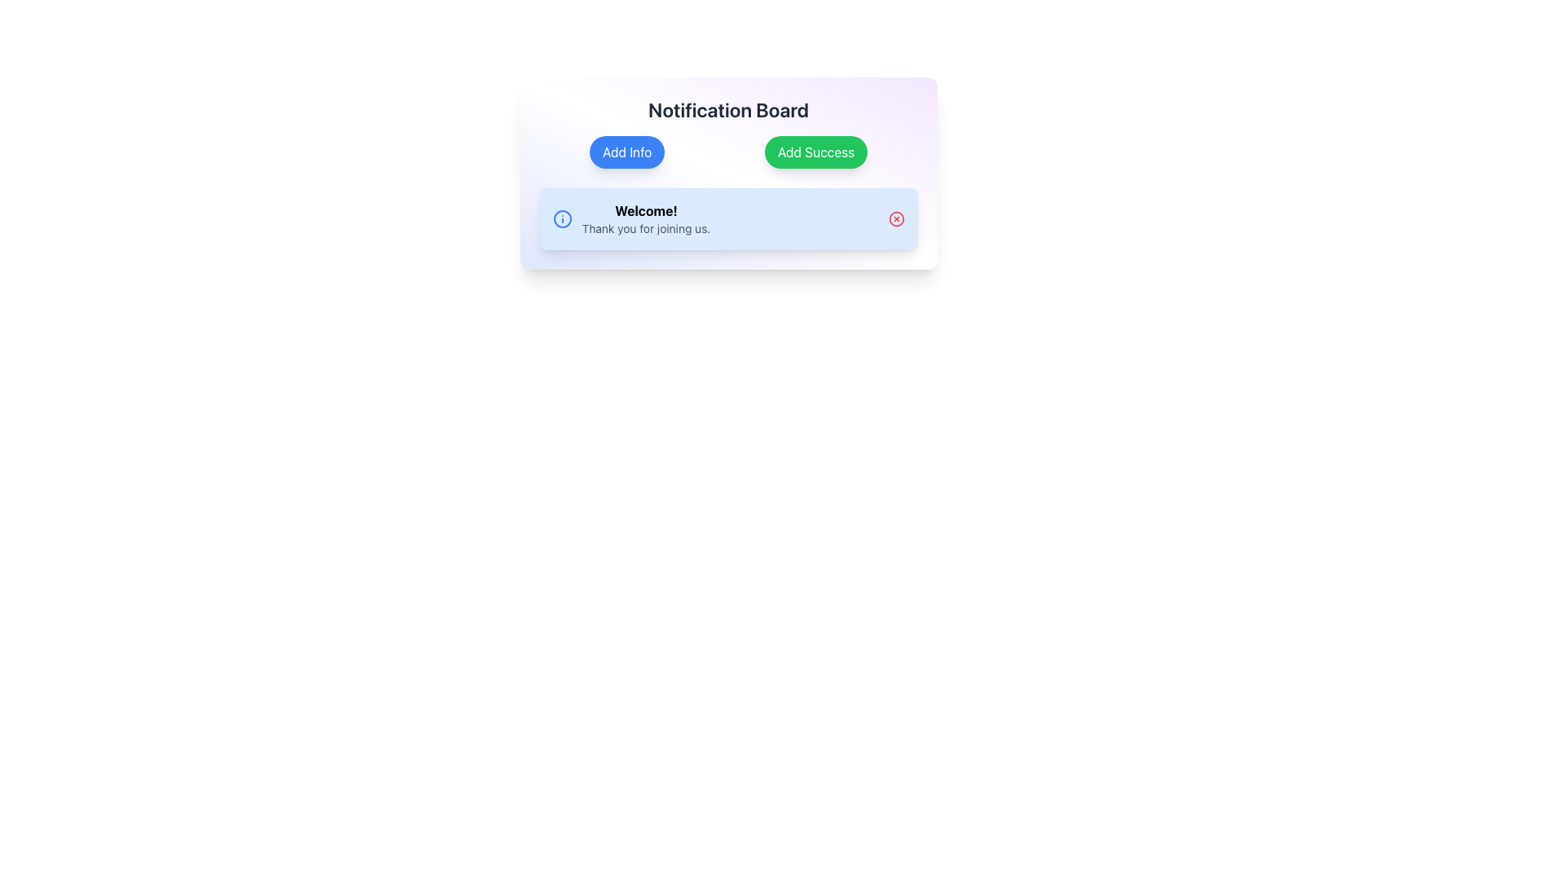 Image resolution: width=1564 pixels, height=880 pixels. Describe the element at coordinates (645, 209) in the screenshot. I see `the text of the heading or greeting message in the notification box, located at the upper-left part just below the icon and above the text 'Thank you for joining us.'` at that location.